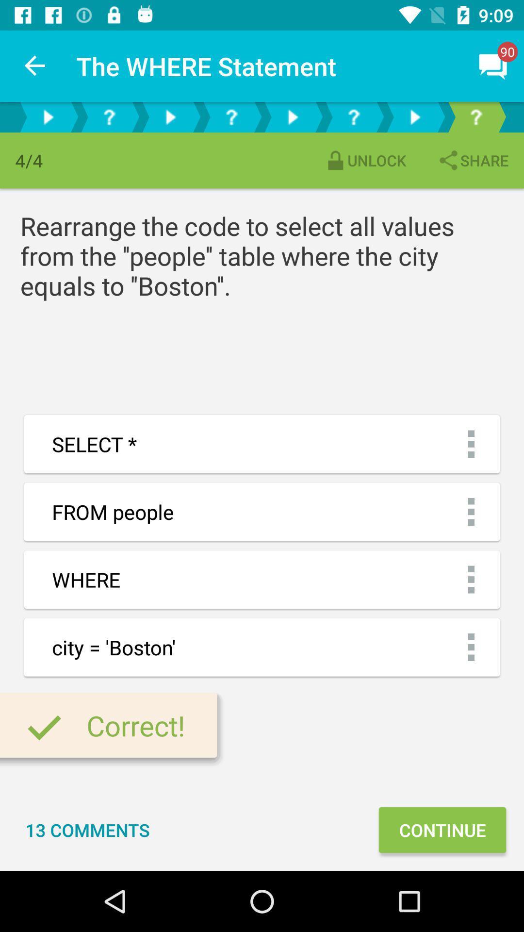 The image size is (524, 932). What do you see at coordinates (475, 116) in the screenshot?
I see `help` at bounding box center [475, 116].